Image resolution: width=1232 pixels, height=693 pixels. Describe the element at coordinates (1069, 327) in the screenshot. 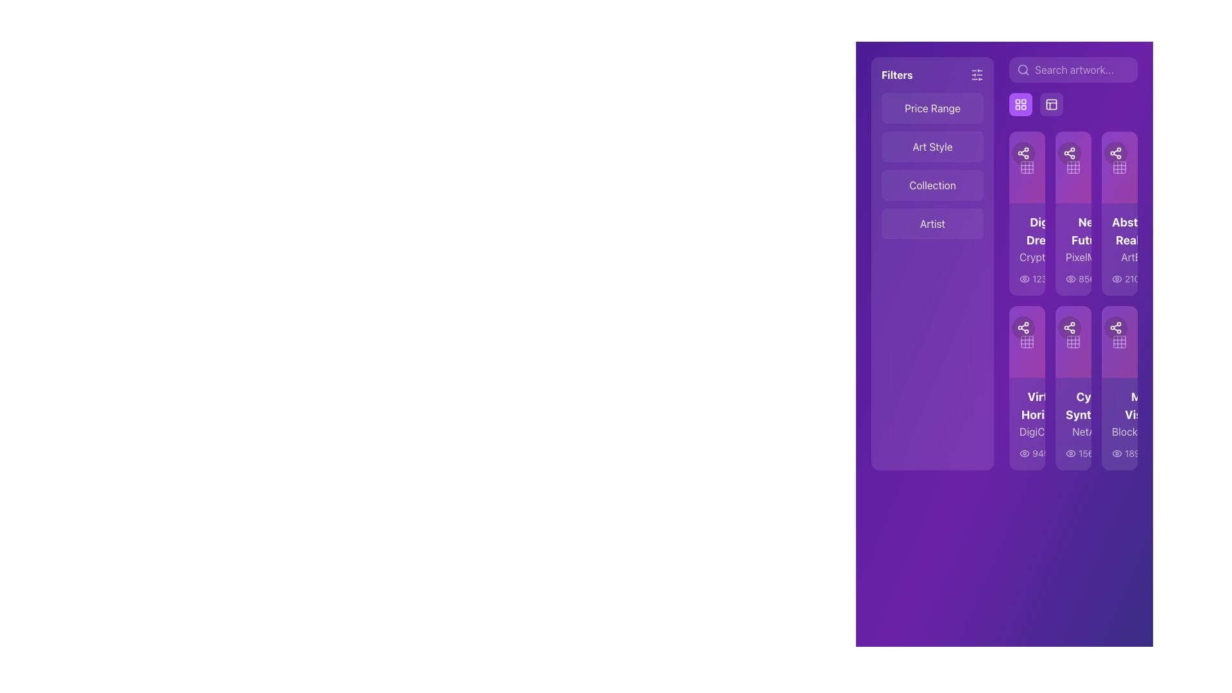

I see `the minimalist share icon, which consists of three connected circles forming a triangular shape, located in the upper part of the second vertical card in the grid on the right section of the interface, to share the content` at that location.